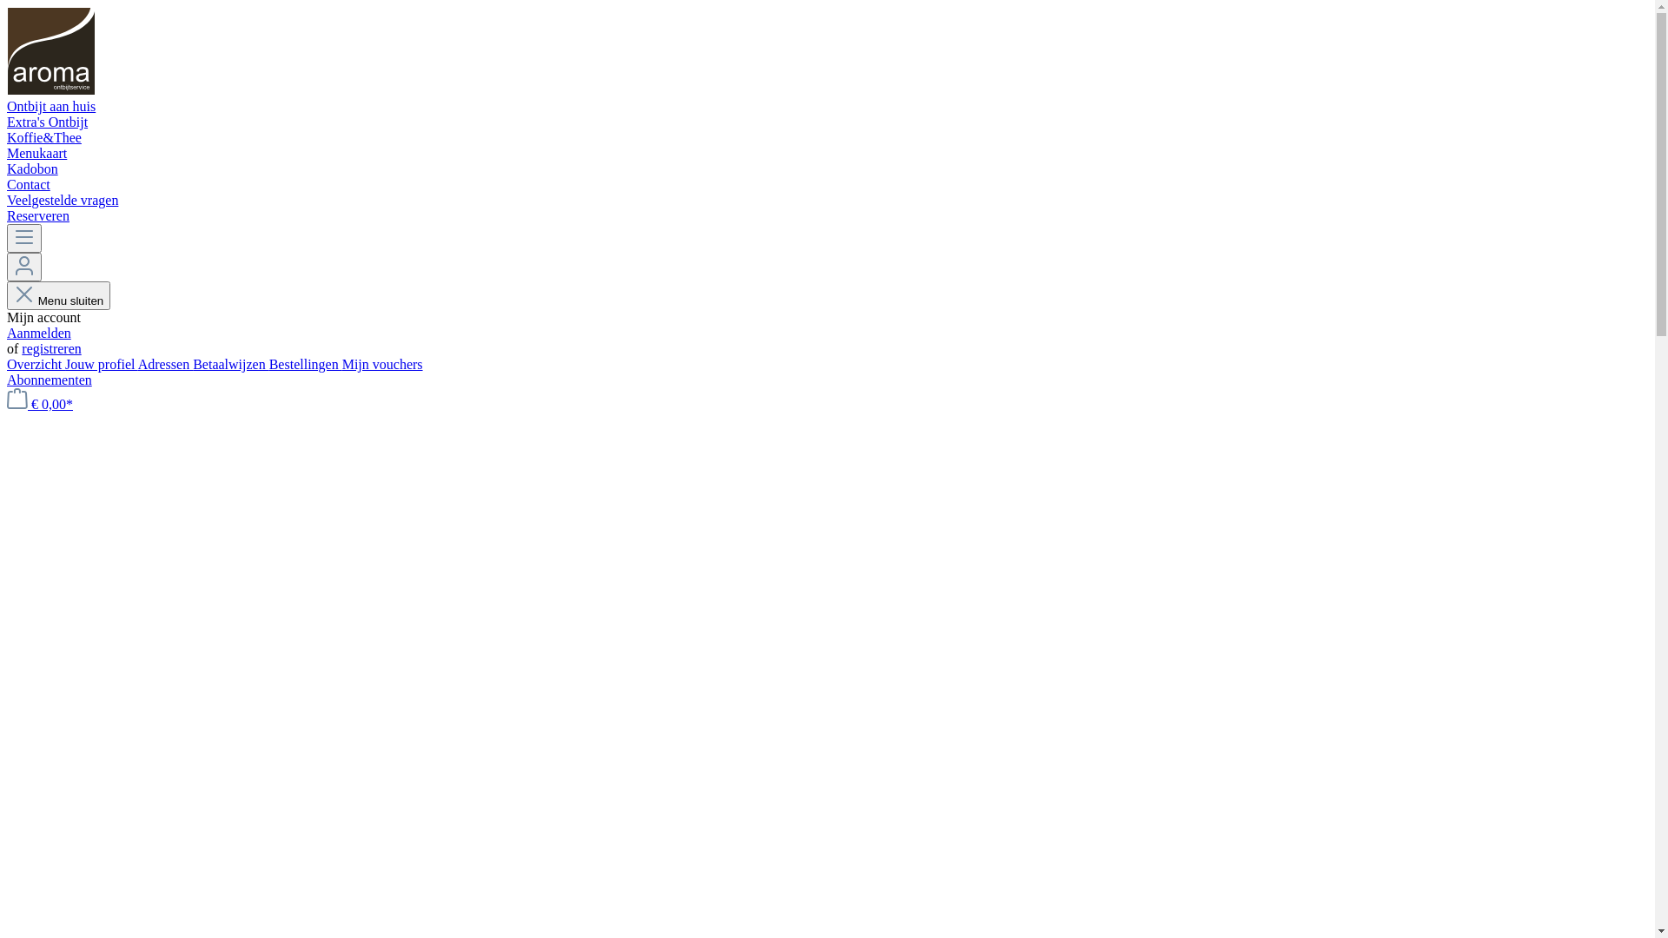 This screenshot has width=1668, height=938. What do you see at coordinates (166, 363) in the screenshot?
I see `'Adressen'` at bounding box center [166, 363].